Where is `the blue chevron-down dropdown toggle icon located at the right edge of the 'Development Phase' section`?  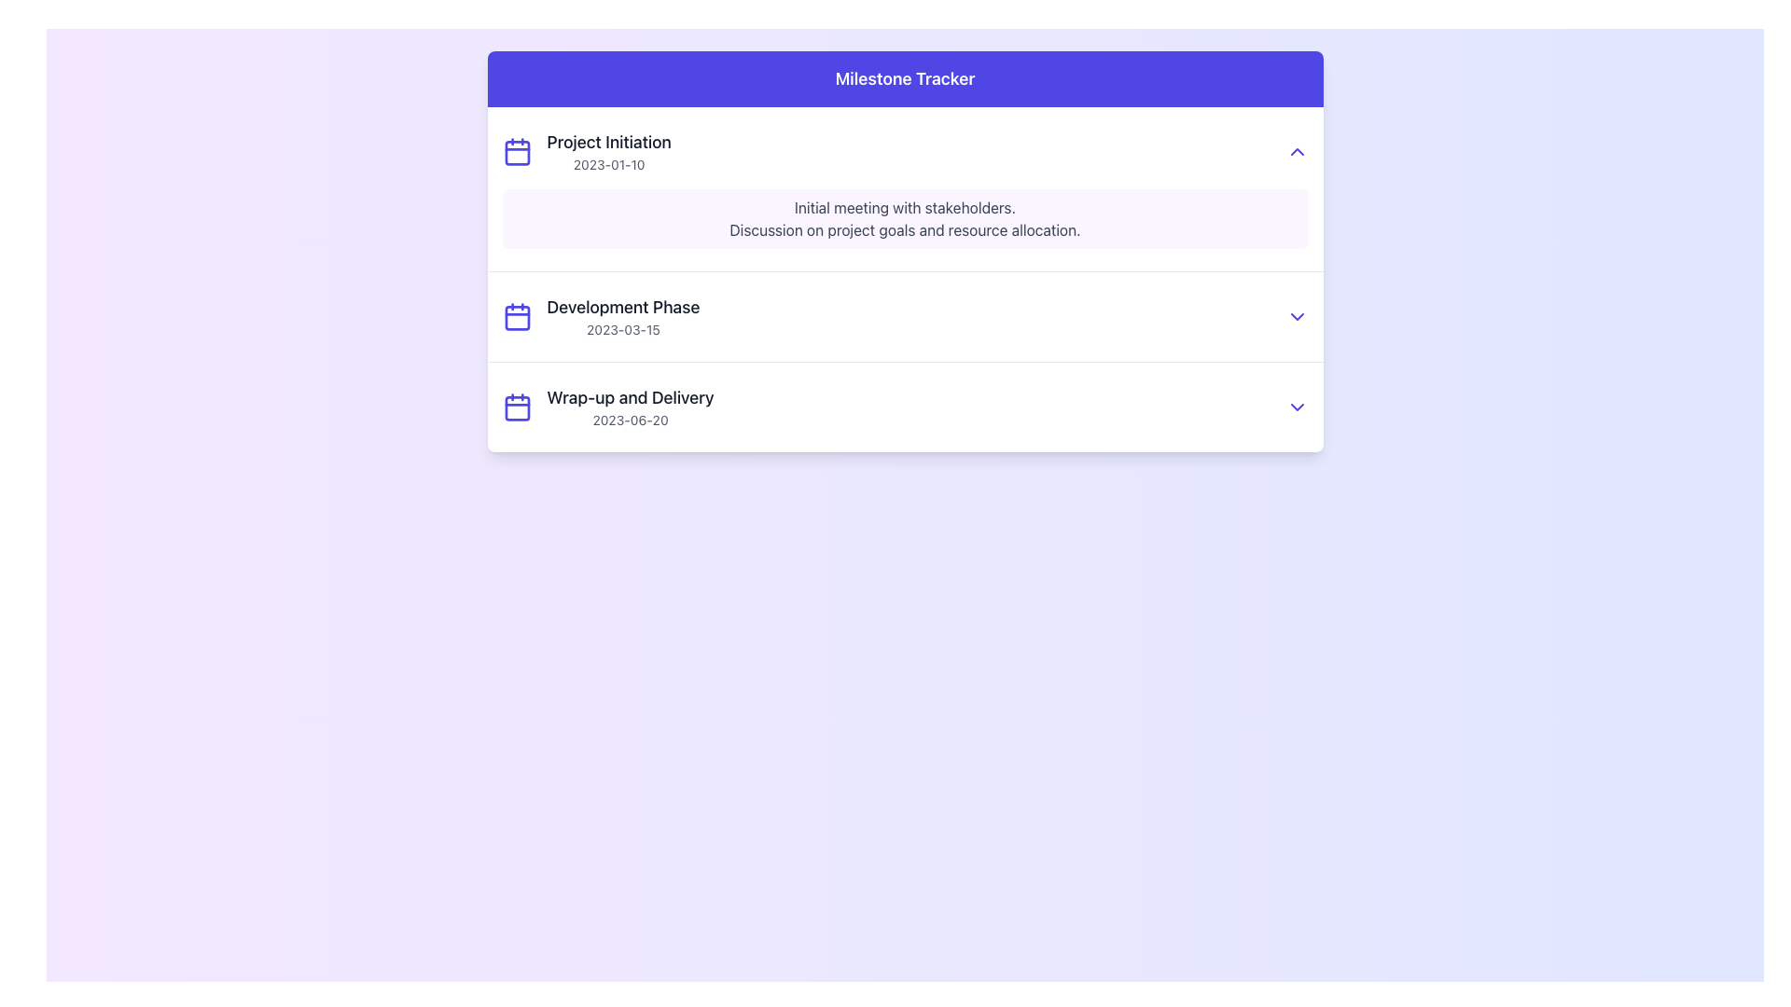 the blue chevron-down dropdown toggle icon located at the right edge of the 'Development Phase' section is located at coordinates (1296, 315).